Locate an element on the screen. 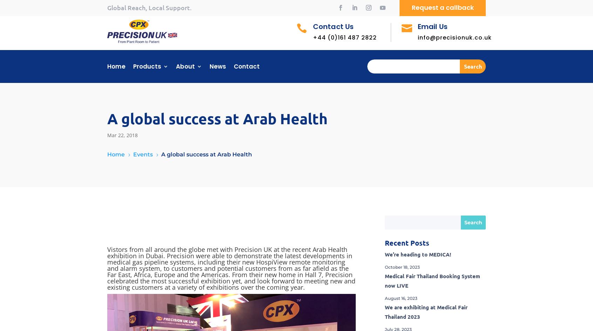 Image resolution: width=593 pixels, height=331 pixels. 'October 18, 2023' is located at coordinates (402, 266).